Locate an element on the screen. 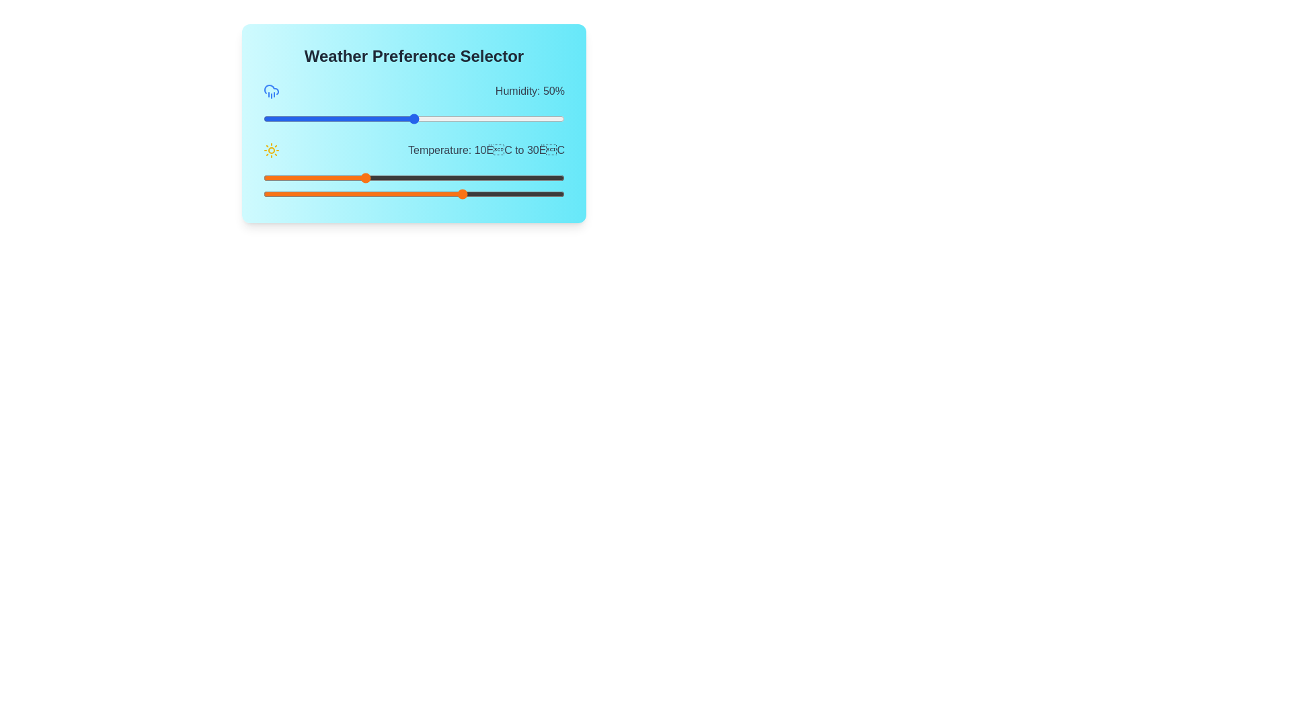 The width and height of the screenshot is (1291, 726). the maximum temperature slider to 9 degrees Celsius is located at coordinates (358, 194).